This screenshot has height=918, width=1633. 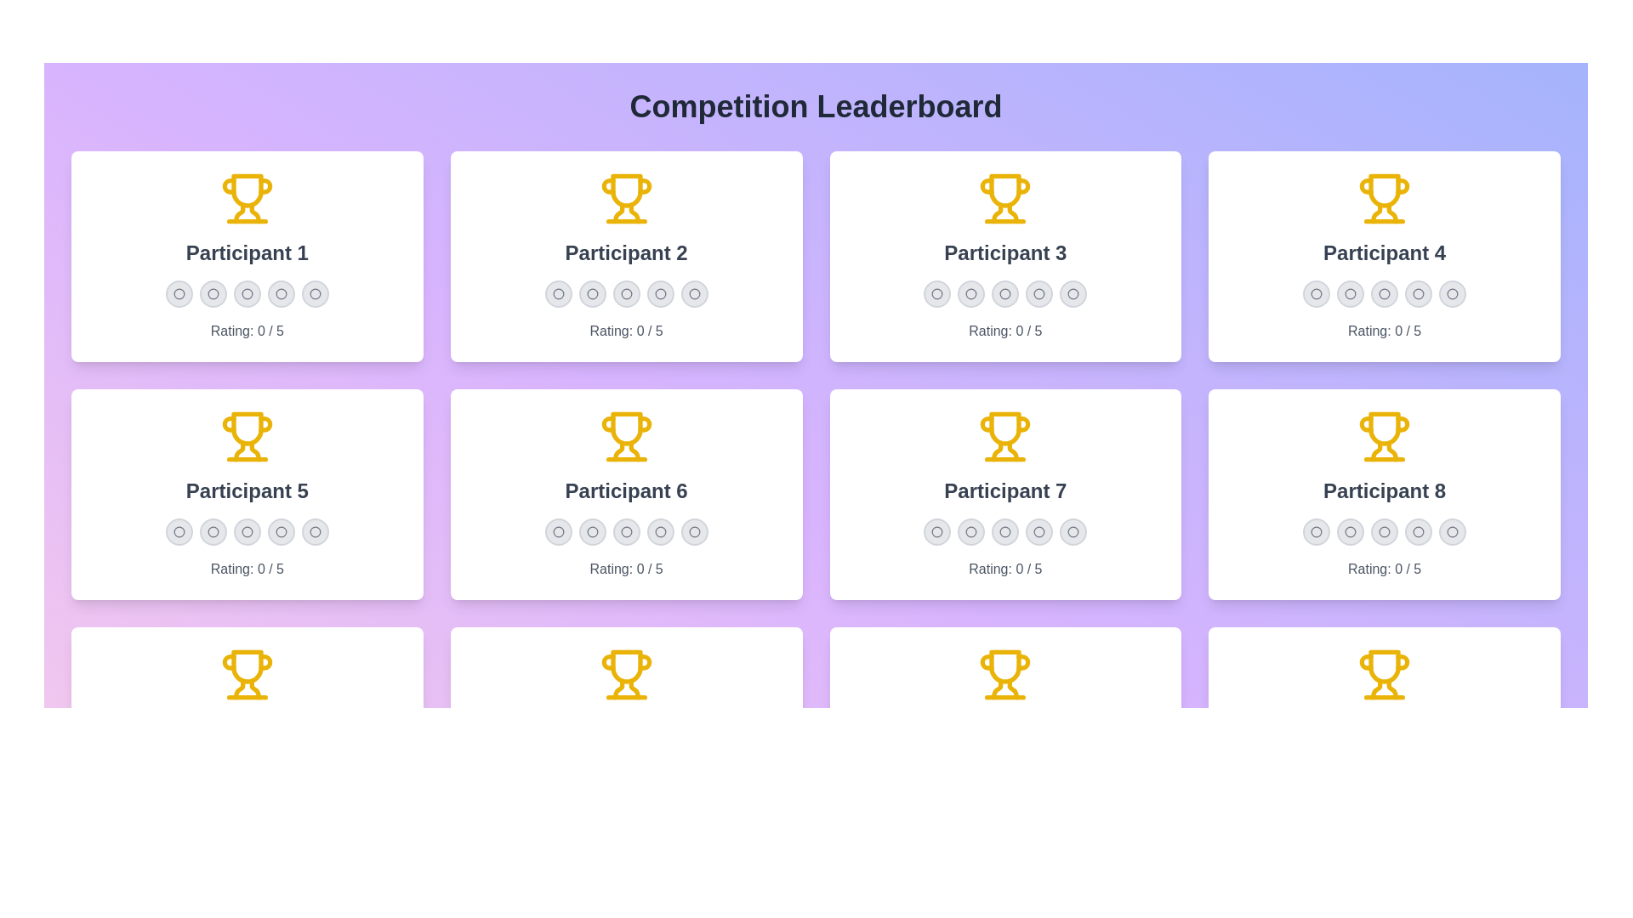 I want to click on the header of the leaderboard to interact with it, so click(x=815, y=107).